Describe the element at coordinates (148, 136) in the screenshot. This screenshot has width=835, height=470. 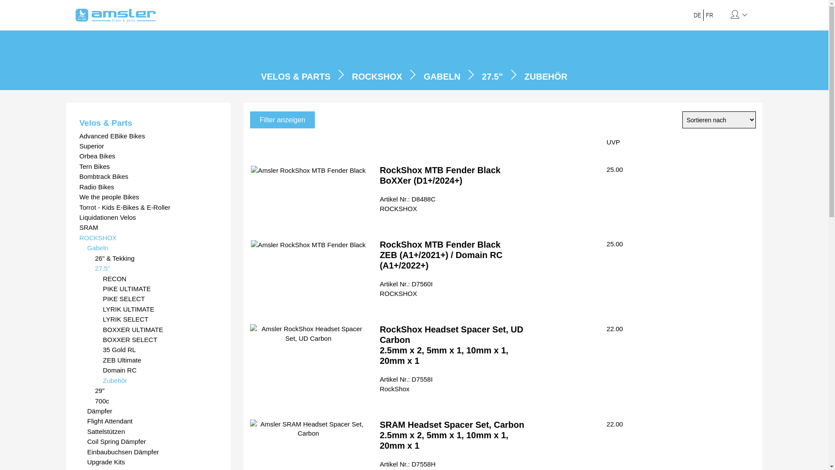
I see `'Advanced EBike Bikes'` at that location.